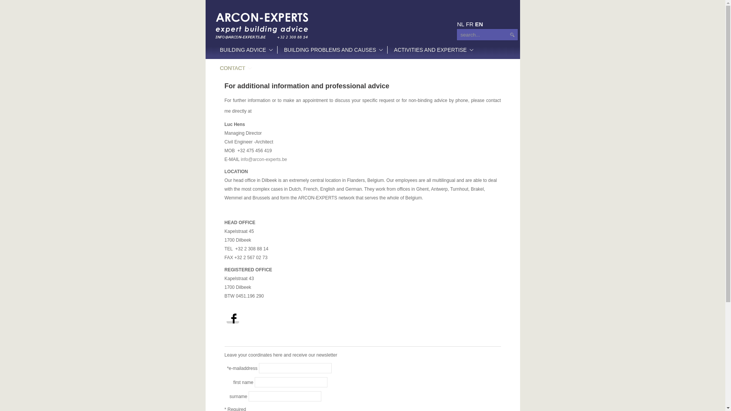  I want to click on 'info@arcon-experts.be', so click(240, 159).